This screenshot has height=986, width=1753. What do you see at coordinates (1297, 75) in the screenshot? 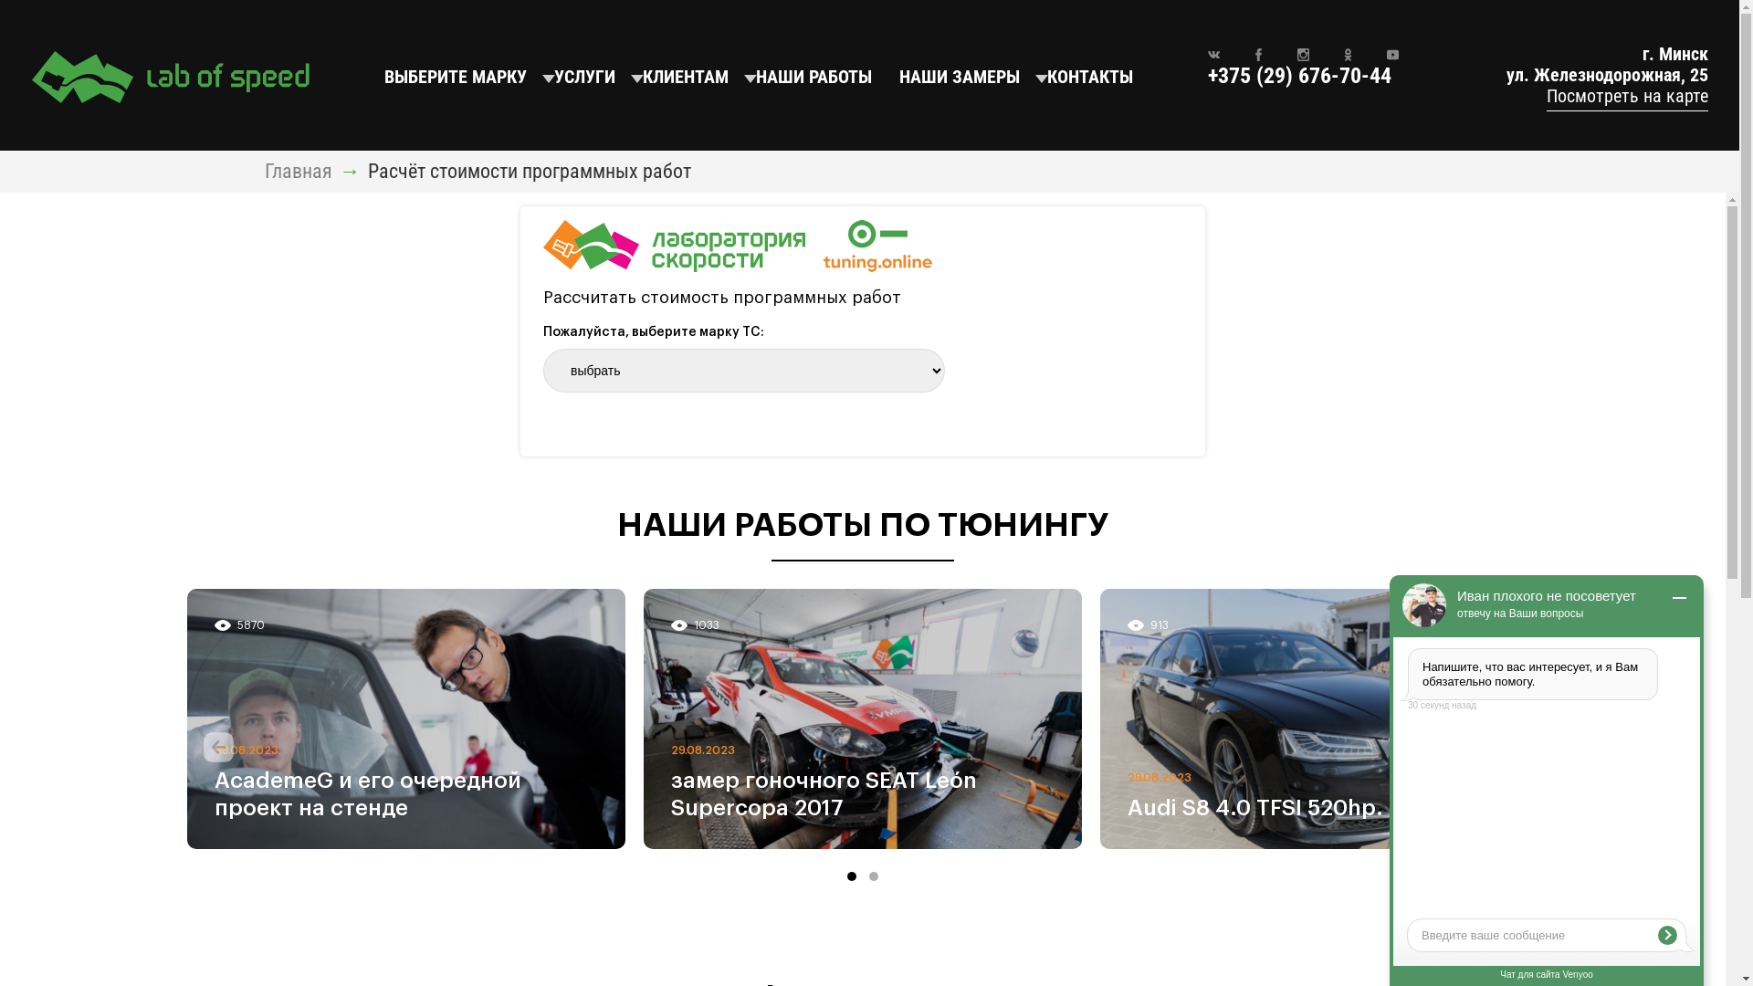
I see `'+375 (29) 676-70-44'` at bounding box center [1297, 75].